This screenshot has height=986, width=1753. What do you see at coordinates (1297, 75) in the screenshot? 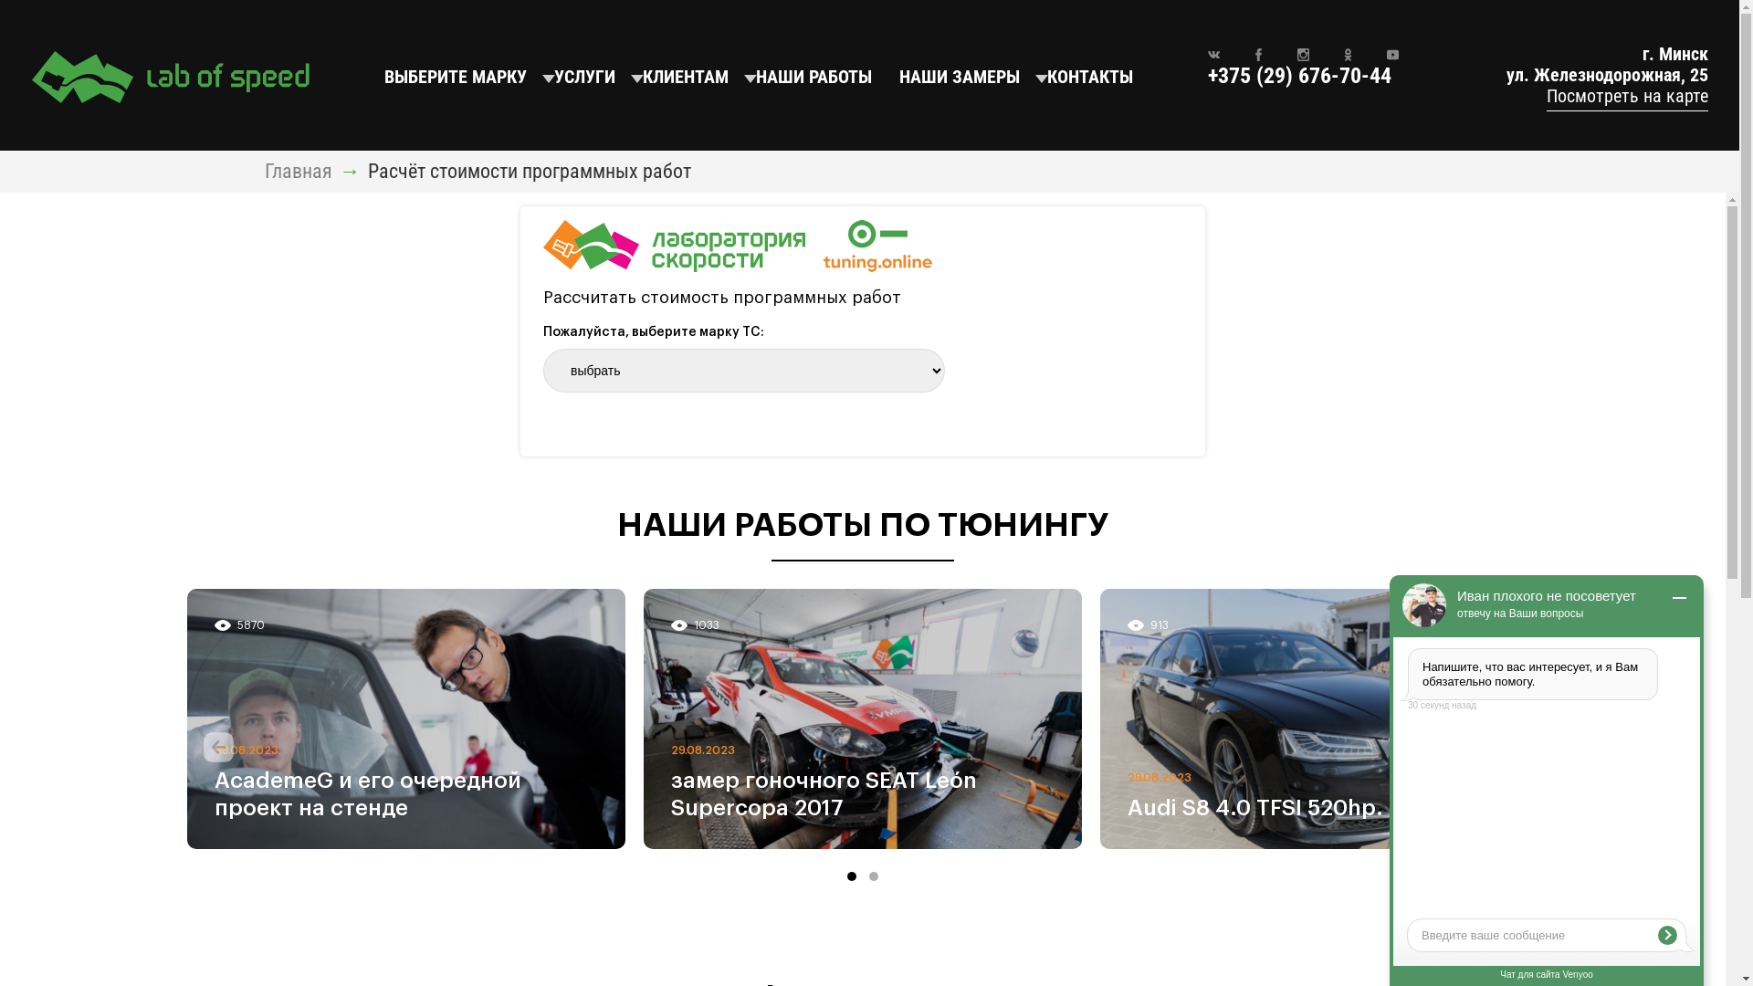
I see `'+375 (29) 676-70-44'` at bounding box center [1297, 75].